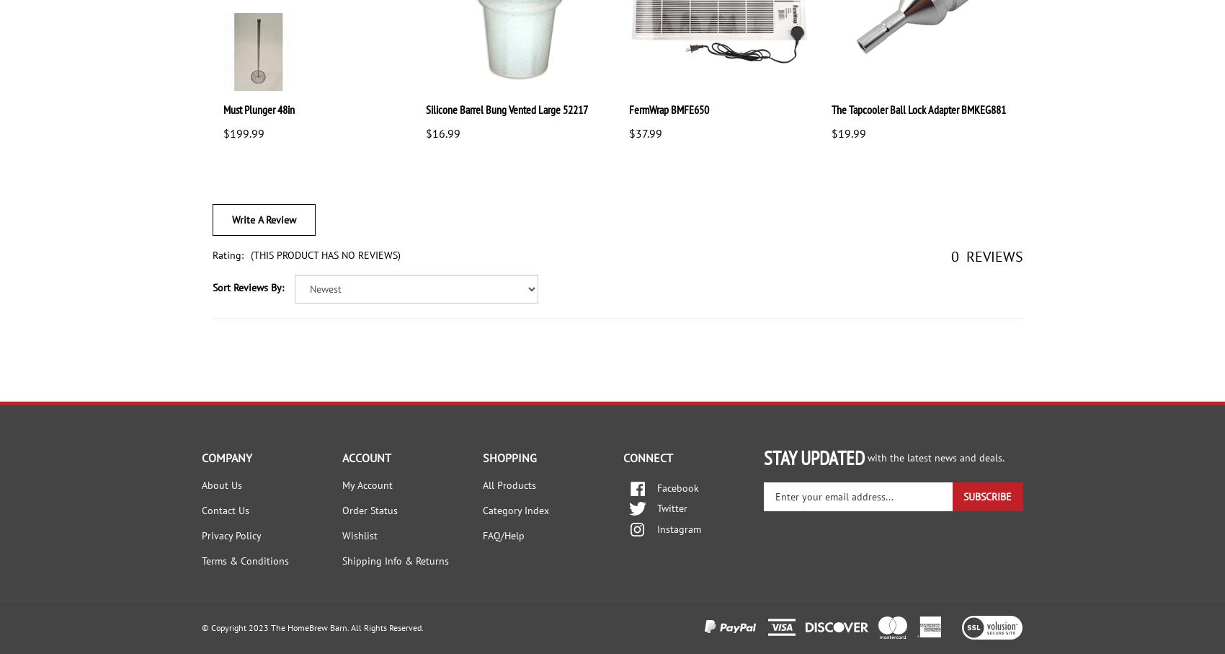 This screenshot has width=1225, height=654. What do you see at coordinates (917, 109) in the screenshot?
I see `'The Tapcooler Ball Lock Adapter BMKEG881'` at bounding box center [917, 109].